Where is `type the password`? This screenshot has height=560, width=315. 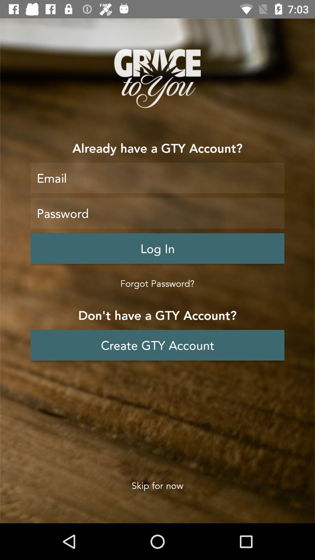 type the password is located at coordinates (157, 213).